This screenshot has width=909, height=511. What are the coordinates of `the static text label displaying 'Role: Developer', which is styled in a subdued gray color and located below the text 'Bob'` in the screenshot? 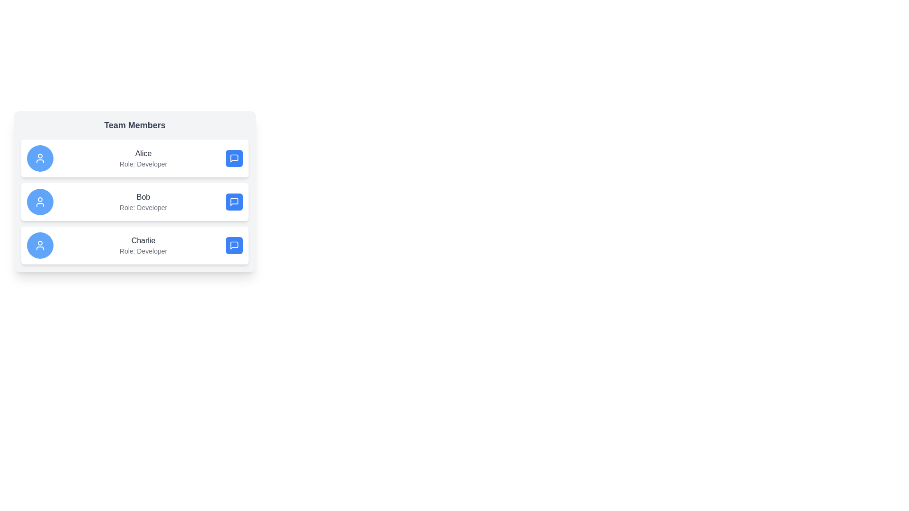 It's located at (143, 207).